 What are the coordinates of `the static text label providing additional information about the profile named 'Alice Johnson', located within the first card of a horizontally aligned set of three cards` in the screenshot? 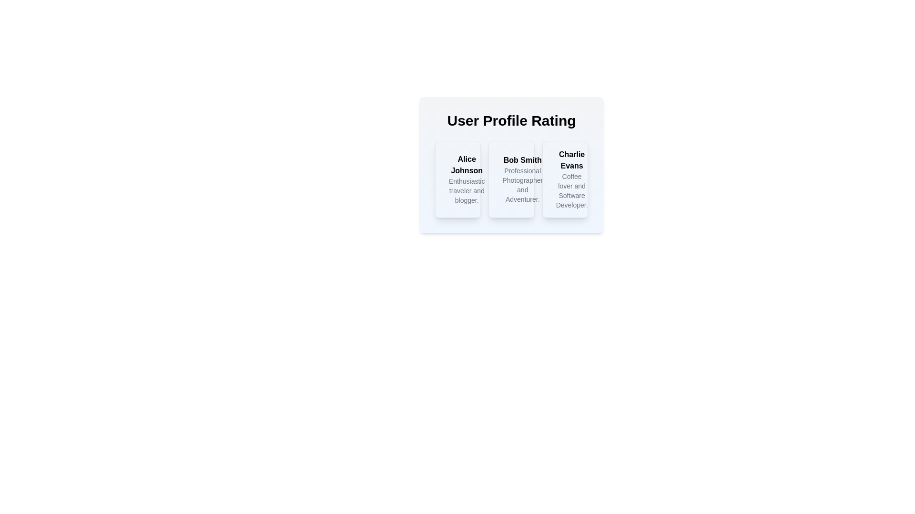 It's located at (467, 191).